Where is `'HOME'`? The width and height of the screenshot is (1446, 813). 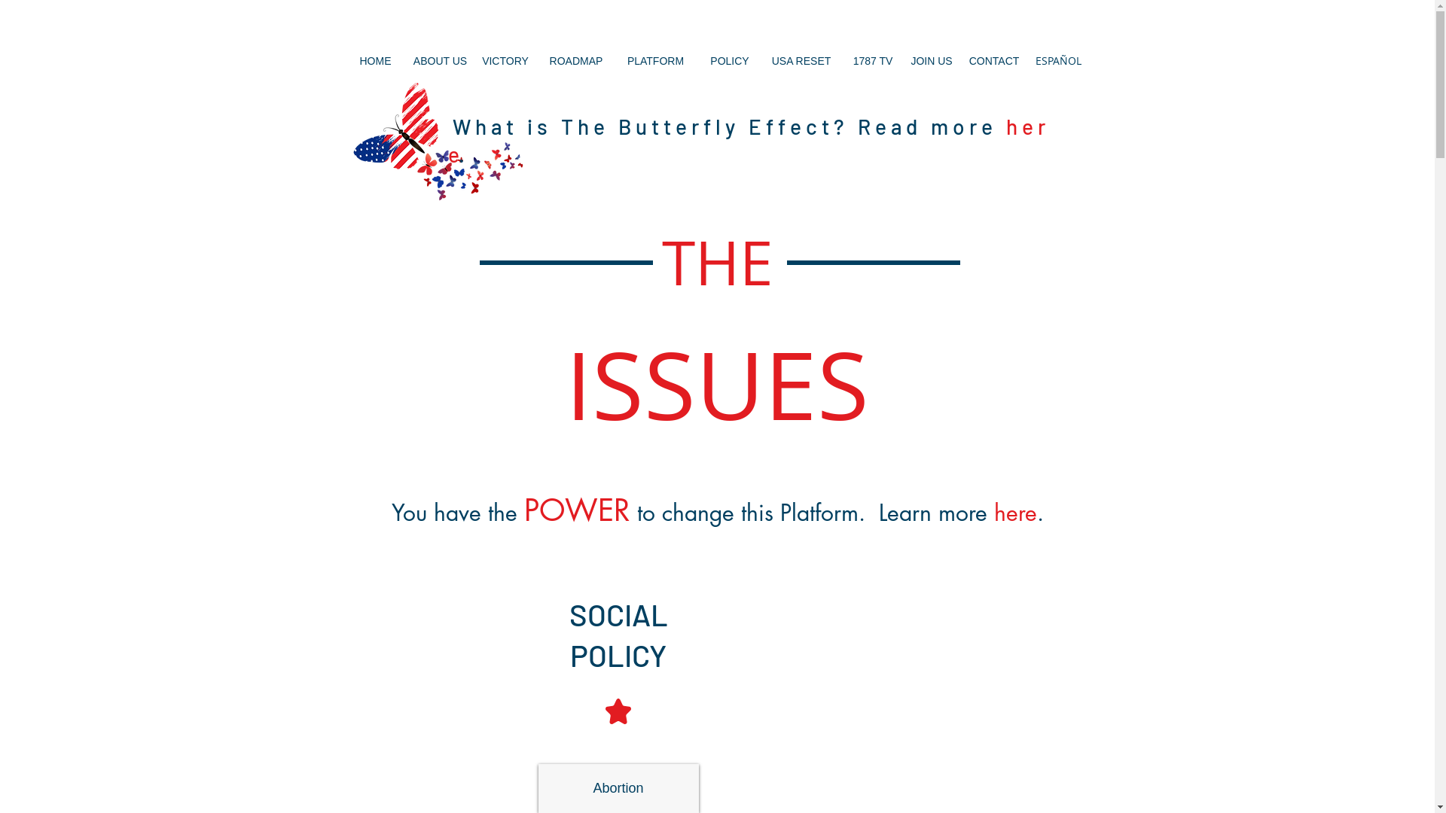 'HOME' is located at coordinates (376, 59).